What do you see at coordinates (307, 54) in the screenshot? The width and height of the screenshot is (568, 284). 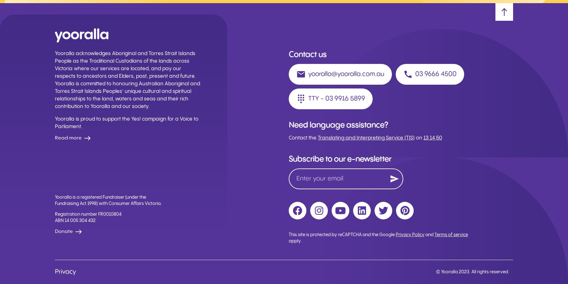 I see `'Contact us'` at bounding box center [307, 54].